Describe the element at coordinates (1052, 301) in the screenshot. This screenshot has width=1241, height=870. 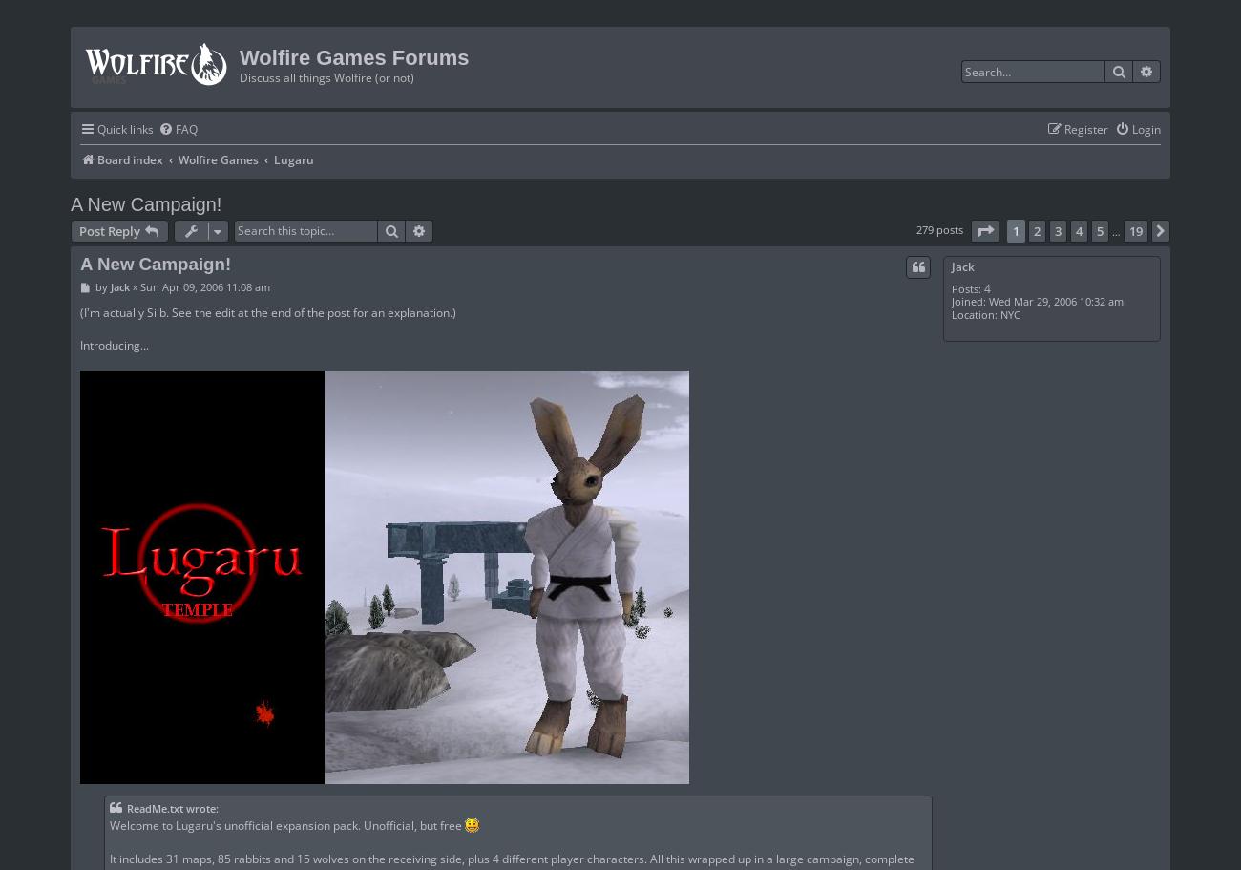
I see `'Wed Mar 29, 2006 10:32 am'` at that location.